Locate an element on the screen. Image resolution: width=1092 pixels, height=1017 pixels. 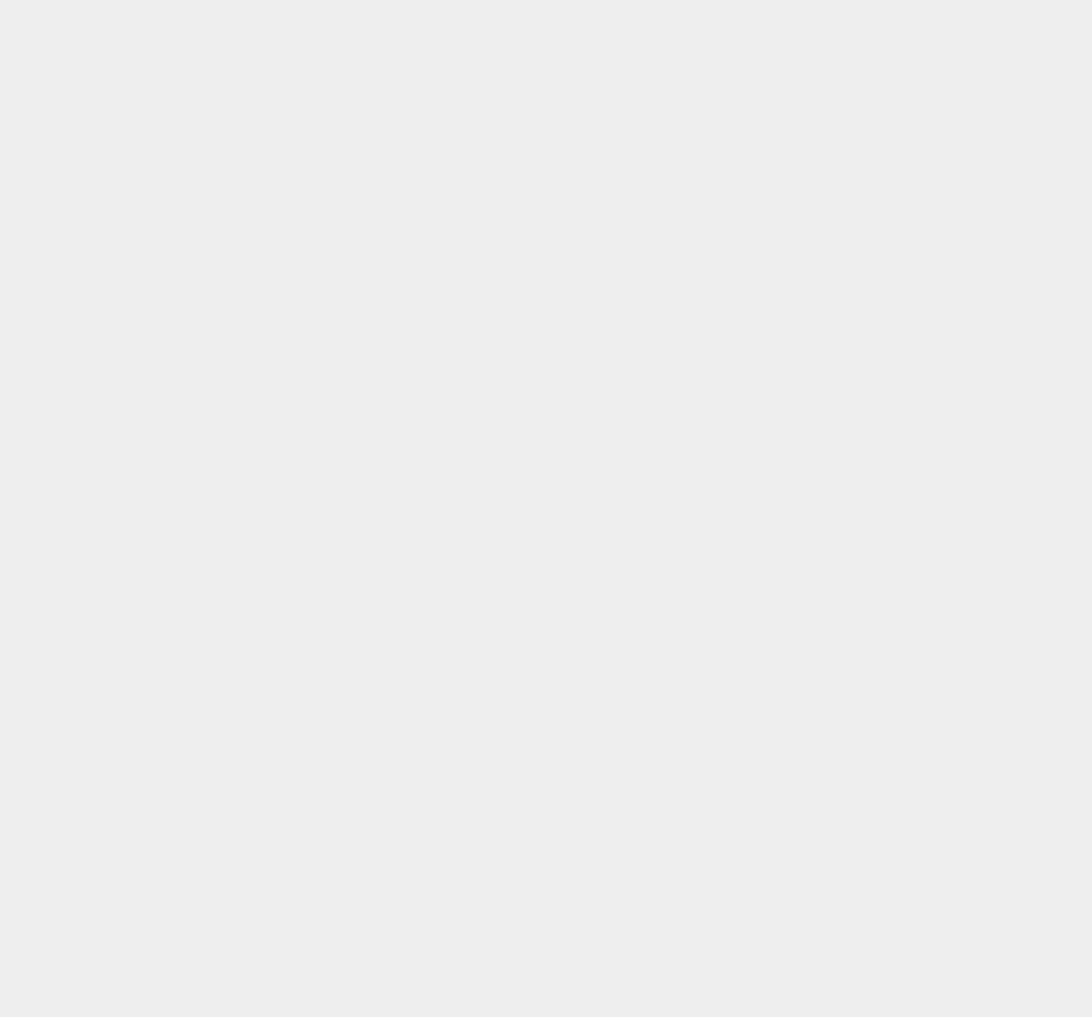
'Macintosh' is located at coordinates (802, 250).